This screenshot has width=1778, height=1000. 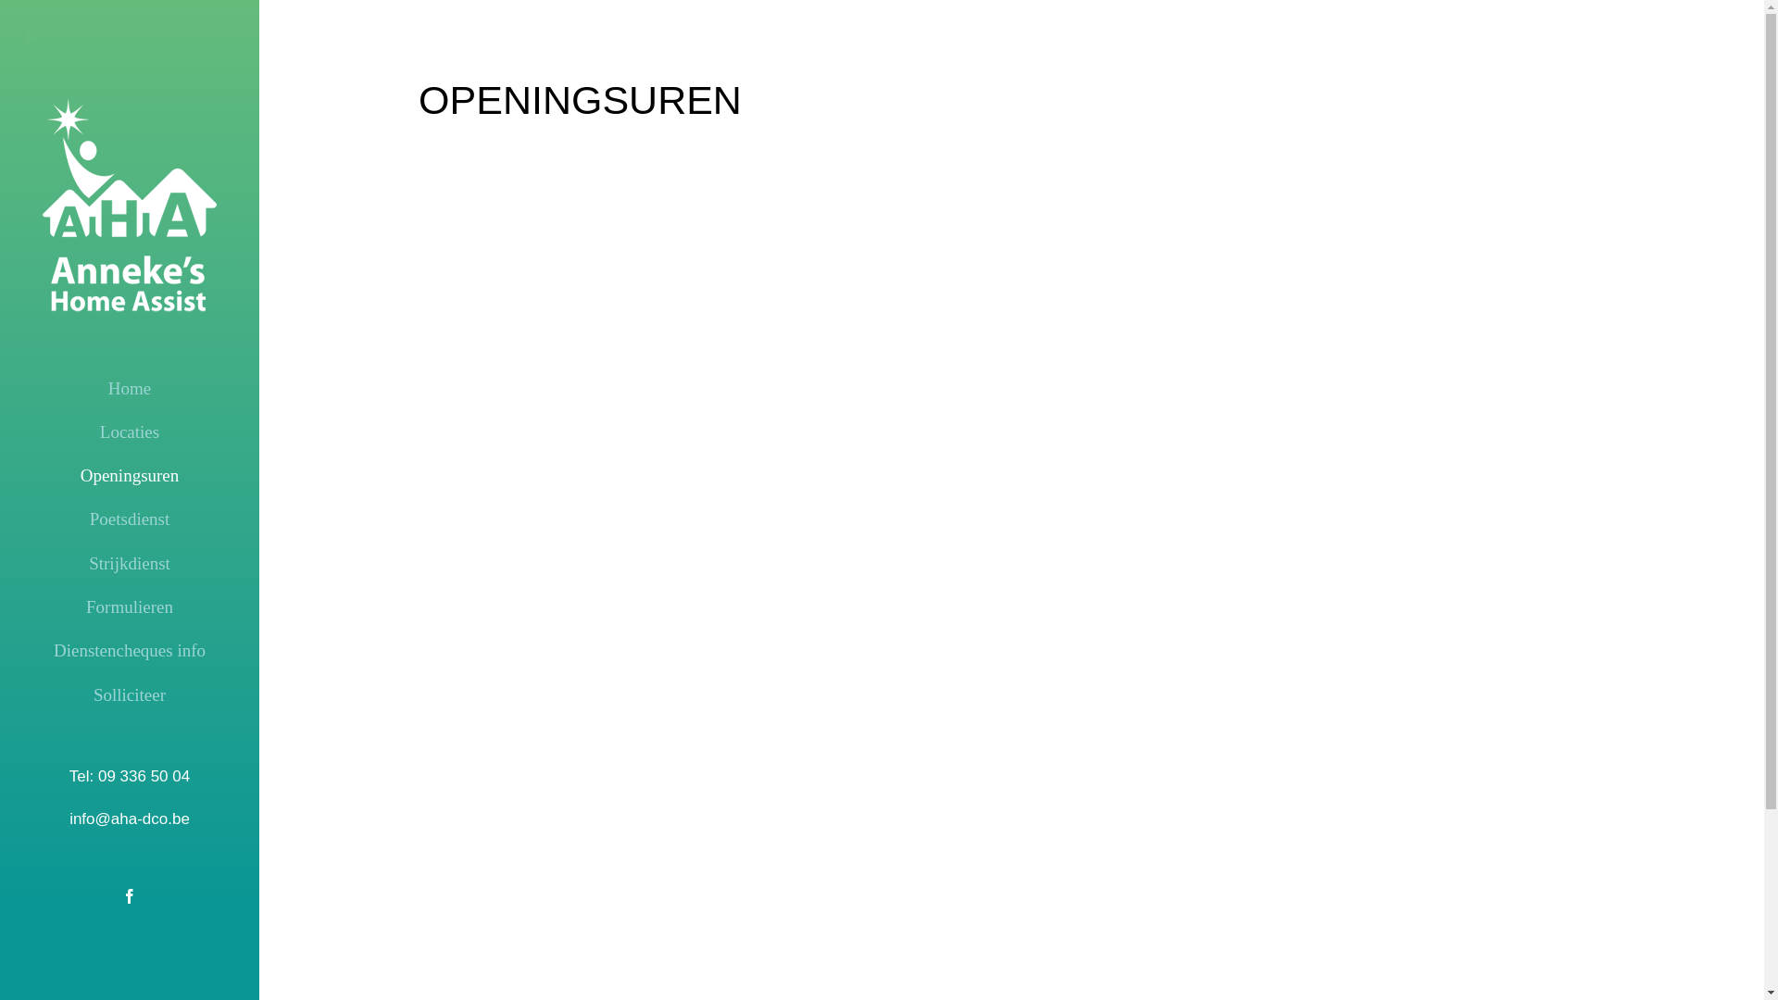 What do you see at coordinates (128, 431) in the screenshot?
I see `'Locaties'` at bounding box center [128, 431].